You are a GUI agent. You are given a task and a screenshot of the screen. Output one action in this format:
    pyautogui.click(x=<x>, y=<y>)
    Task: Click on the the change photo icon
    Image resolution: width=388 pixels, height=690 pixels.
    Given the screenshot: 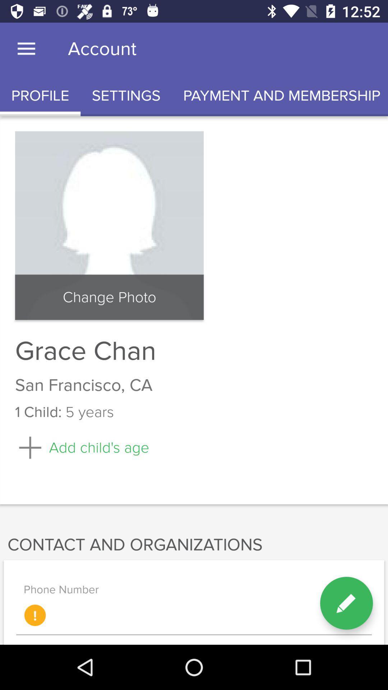 What is the action you would take?
    pyautogui.click(x=109, y=297)
    